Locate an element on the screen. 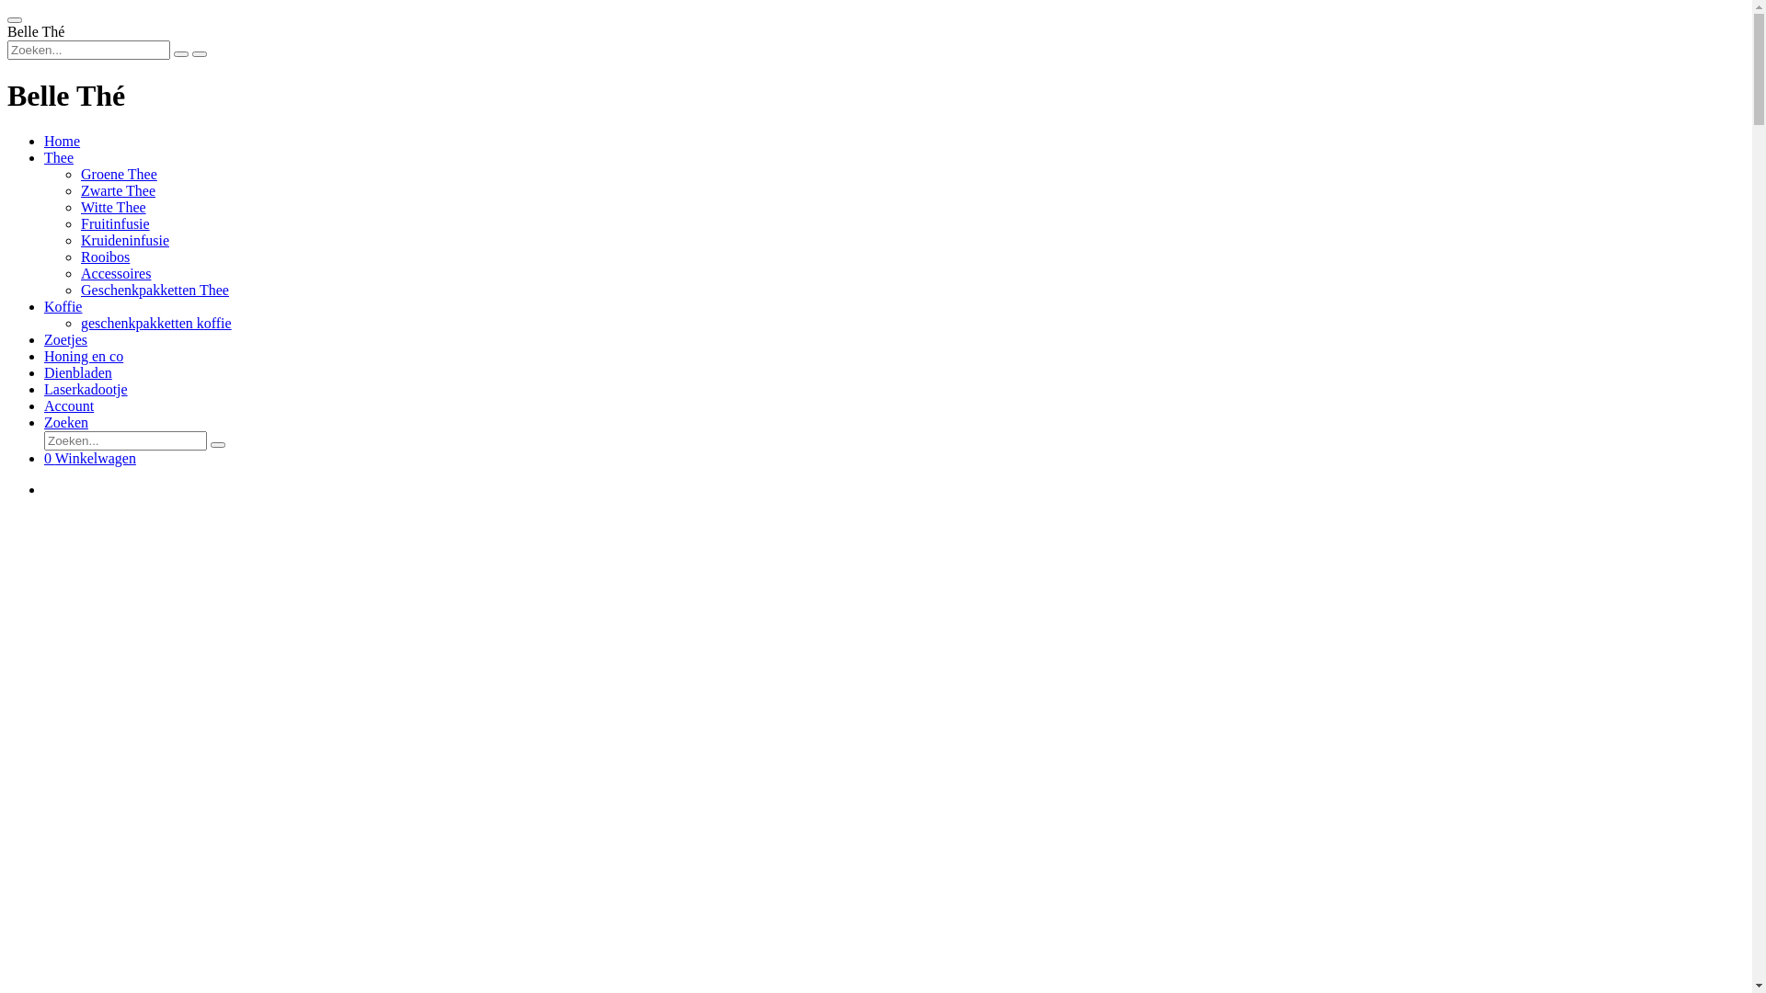  'Koffie' is located at coordinates (44, 305).